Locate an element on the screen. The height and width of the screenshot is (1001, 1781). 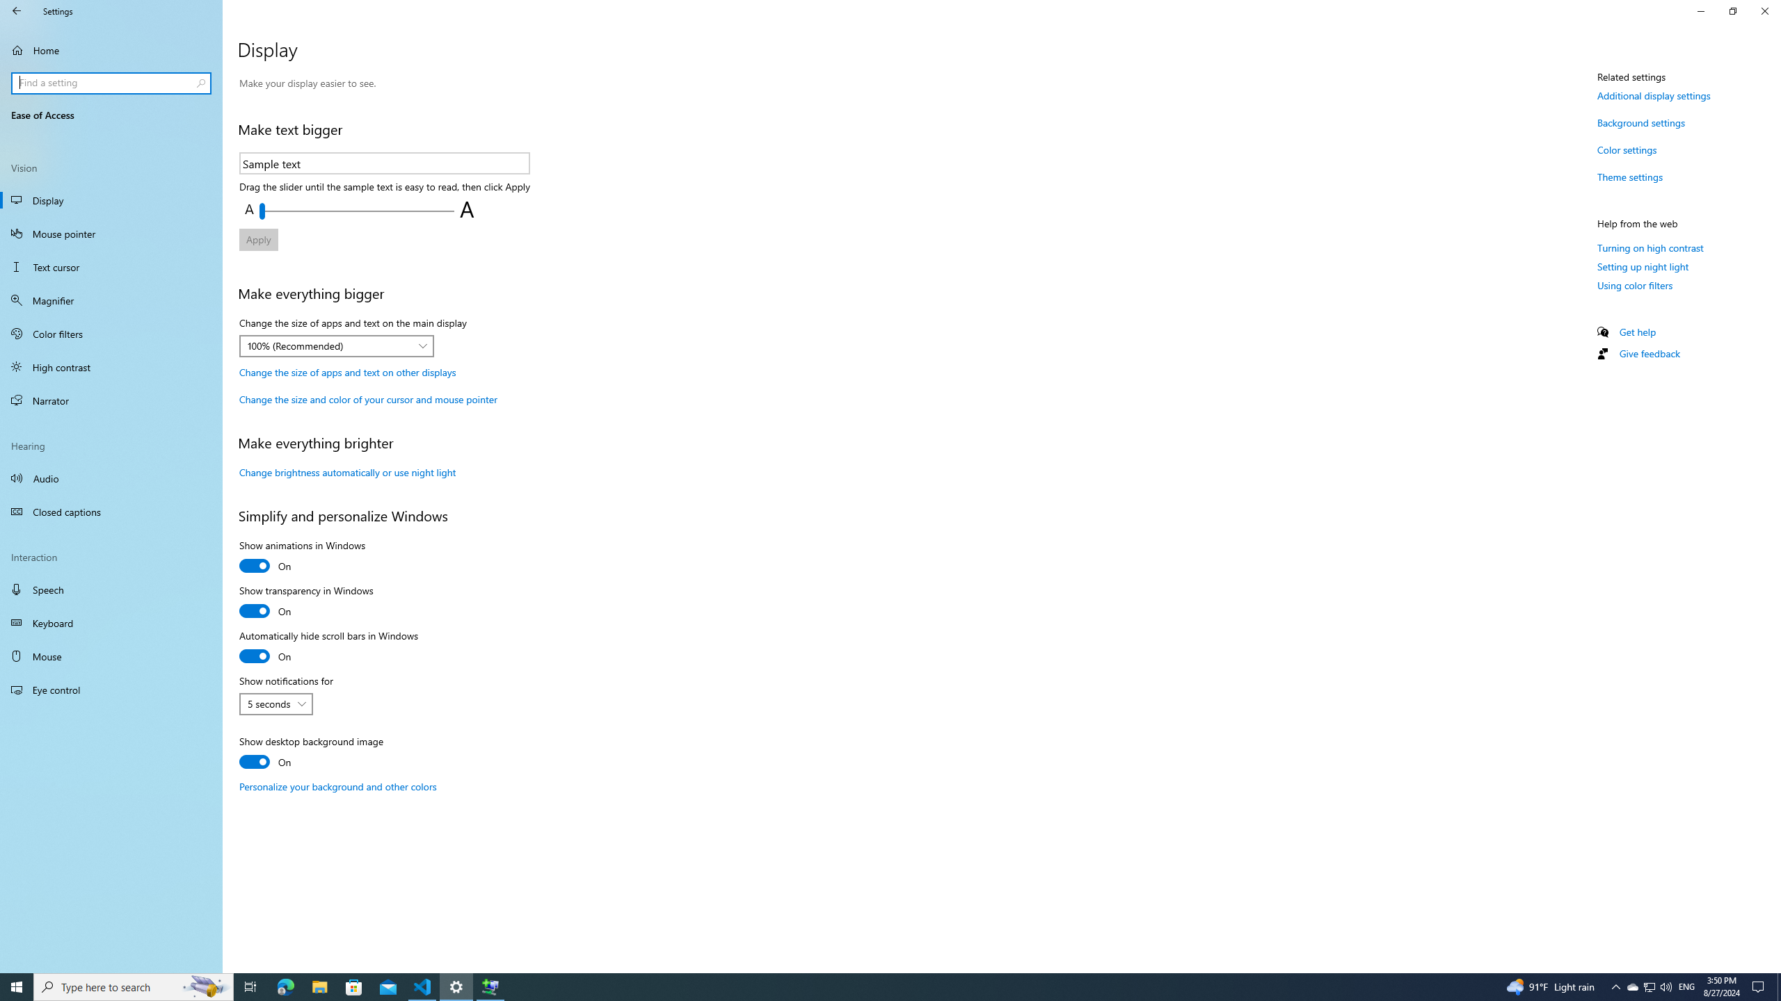
'Close Settings' is located at coordinates (1764, 10).